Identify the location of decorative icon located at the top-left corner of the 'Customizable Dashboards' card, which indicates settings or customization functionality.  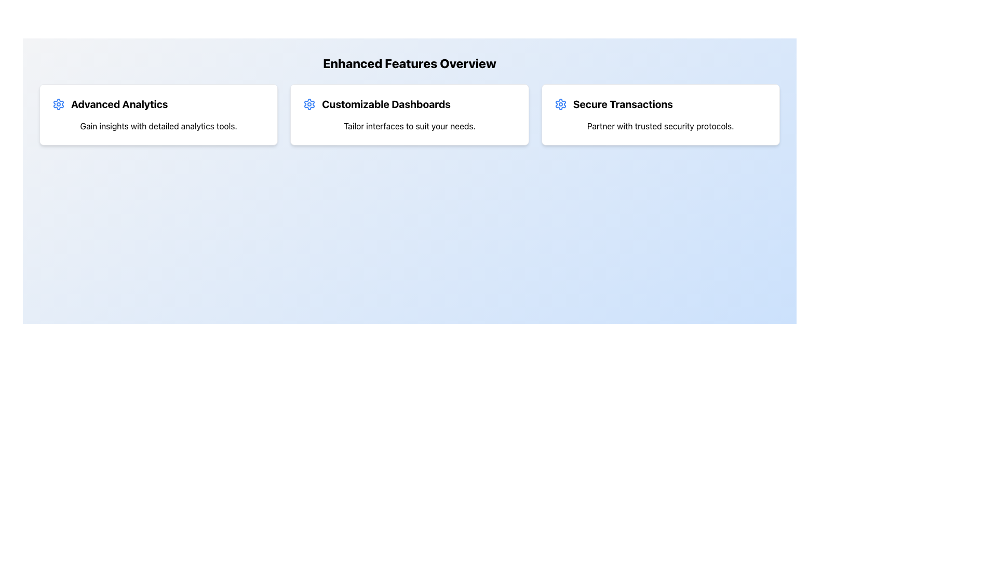
(309, 104).